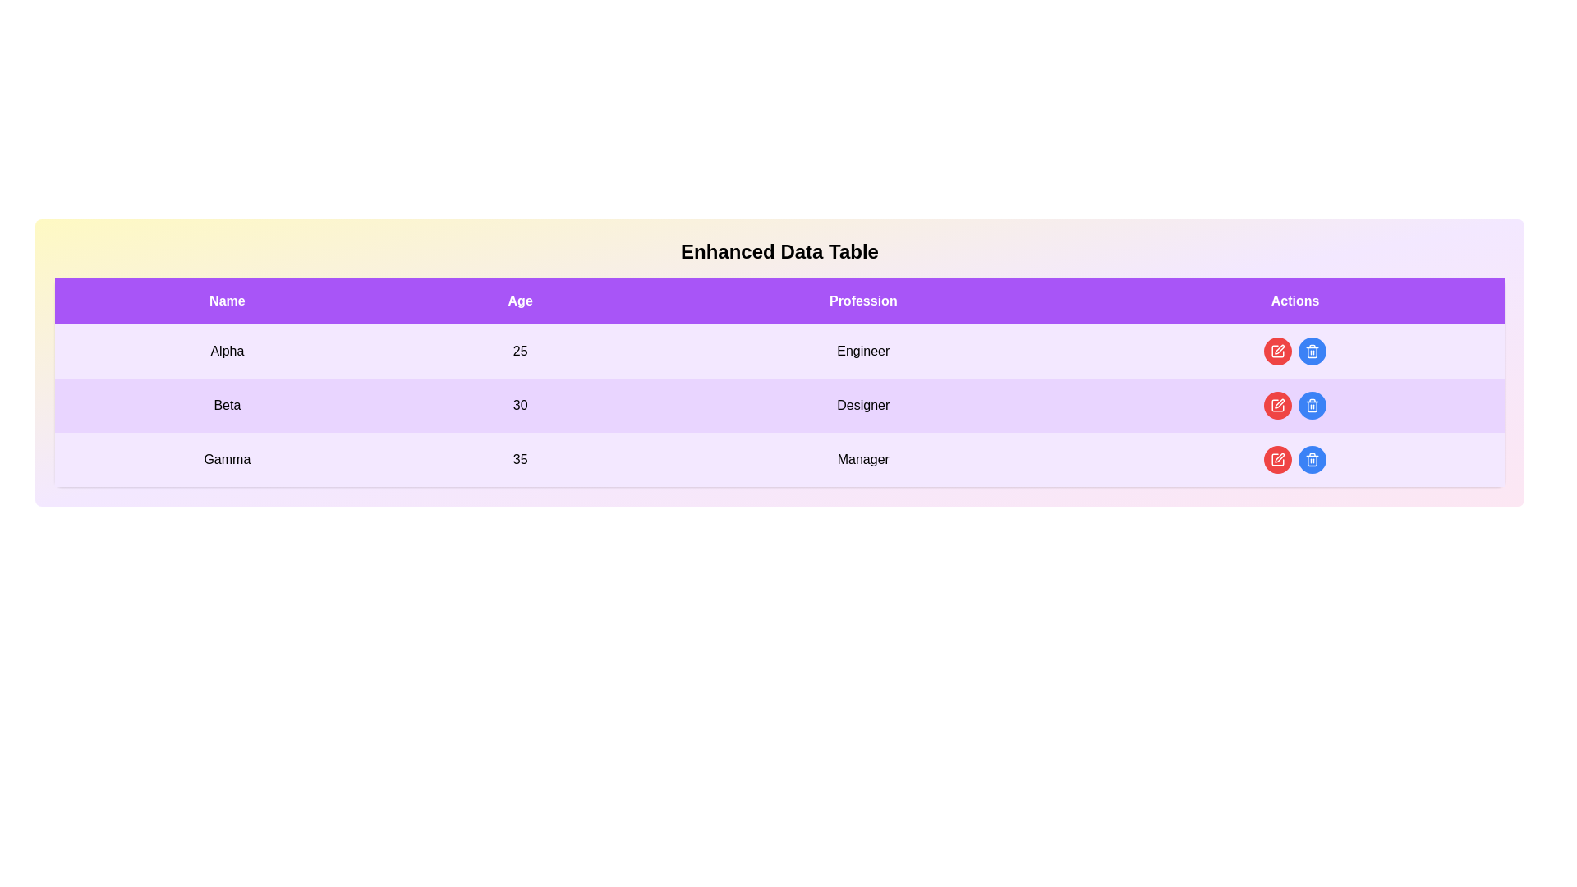 The height and width of the screenshot is (887, 1577). What do you see at coordinates (1312, 405) in the screenshot?
I see `delete button for the entry with name Beta` at bounding box center [1312, 405].